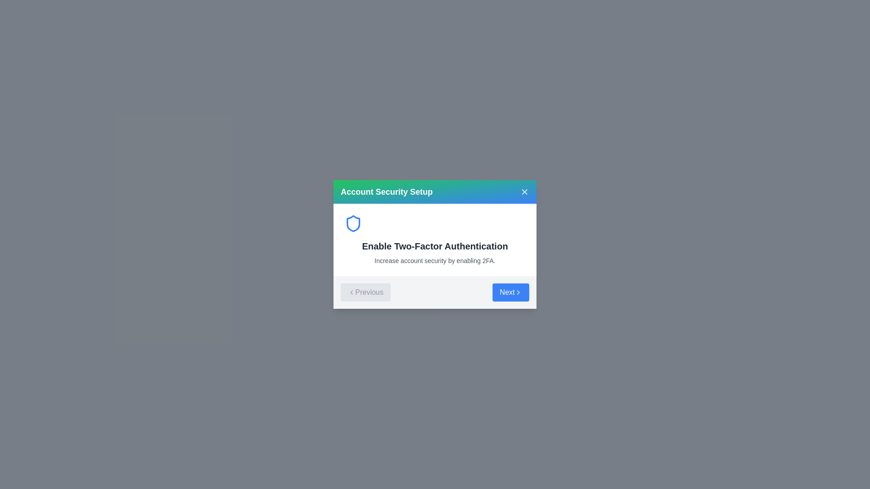 The image size is (870, 489). What do you see at coordinates (366, 292) in the screenshot?
I see `the 'Previous' button, which is a gray button with a left-pointing chevron icon and the text 'Previous', located at the bottom-left corner of a modal dialog` at bounding box center [366, 292].